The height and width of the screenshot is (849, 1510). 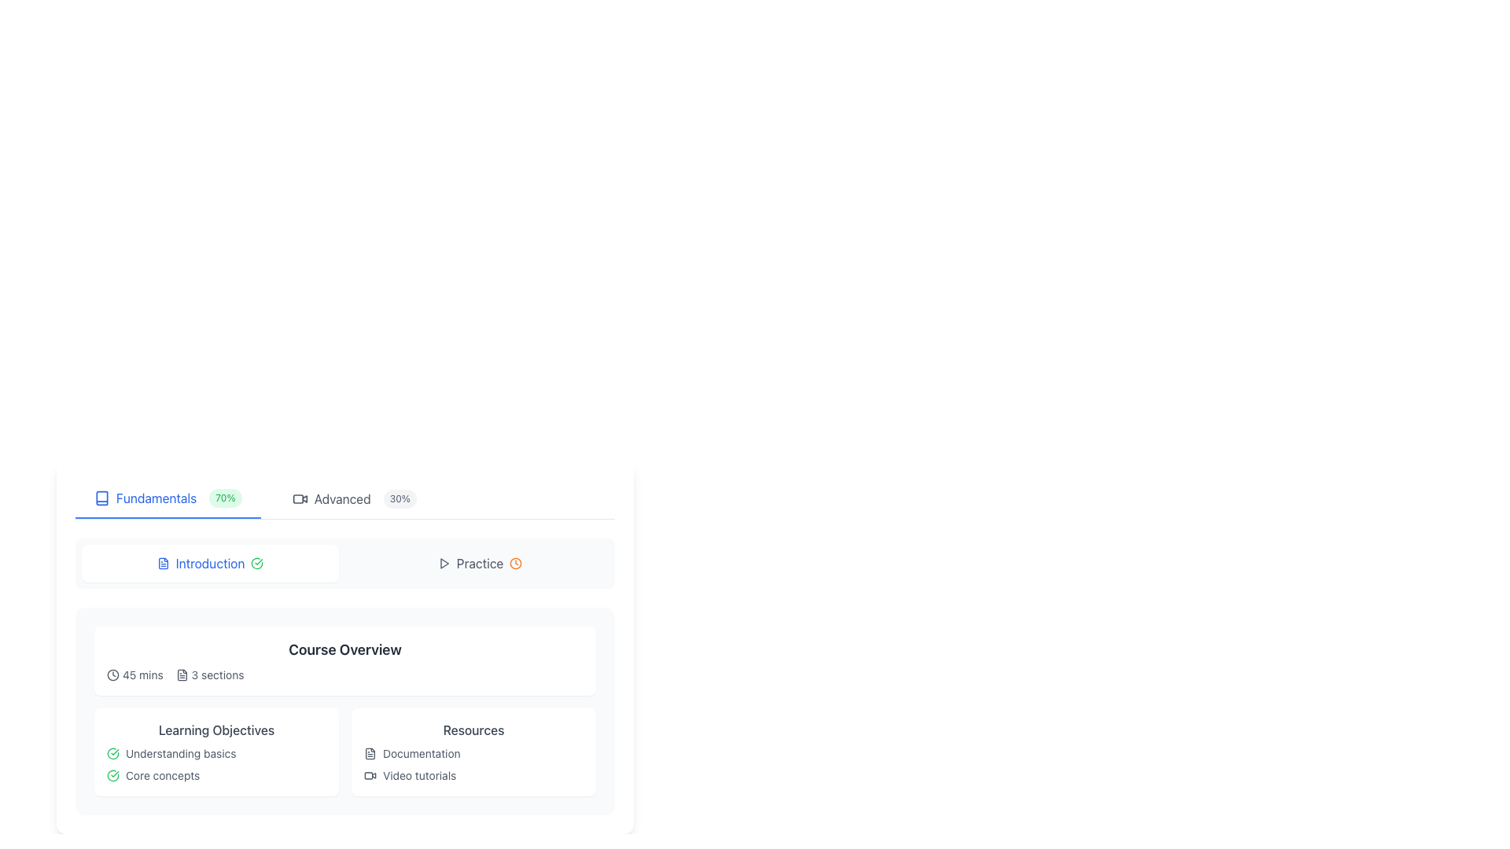 I want to click on the label displaying '30%' with a light gray background, located to the right of the 'Advanced' text in the 'Advanced' button group, so click(x=400, y=499).